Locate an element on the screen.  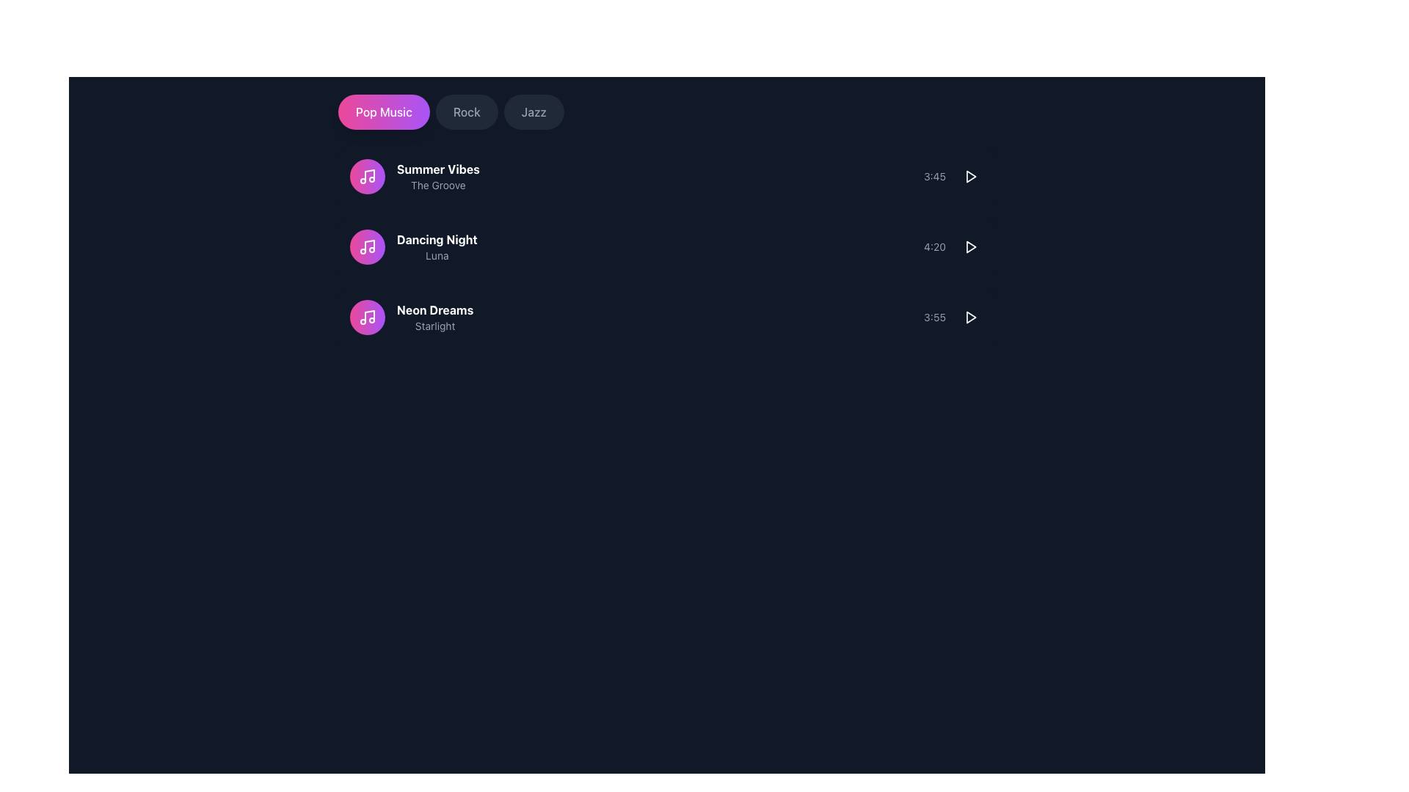
the third entry in the vertically arranged list of music tracks, which displays the title of the music track for selection or playback is located at coordinates (434, 309).